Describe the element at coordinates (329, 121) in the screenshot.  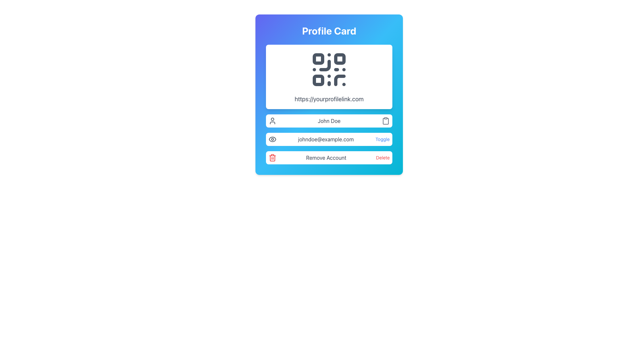
I see `the static text label displaying the user's name in the profile card section, which is positioned beneath the main title and flanked by a user icon and a clipboard icon` at that location.